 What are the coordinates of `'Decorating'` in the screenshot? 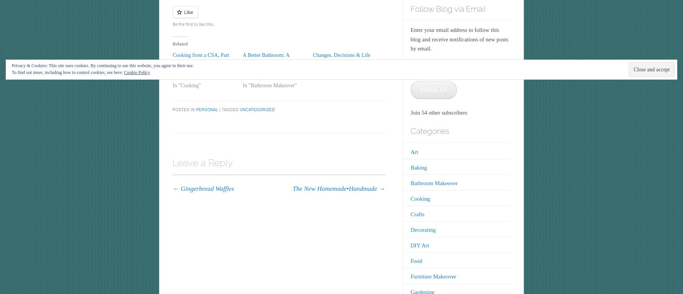 It's located at (423, 229).